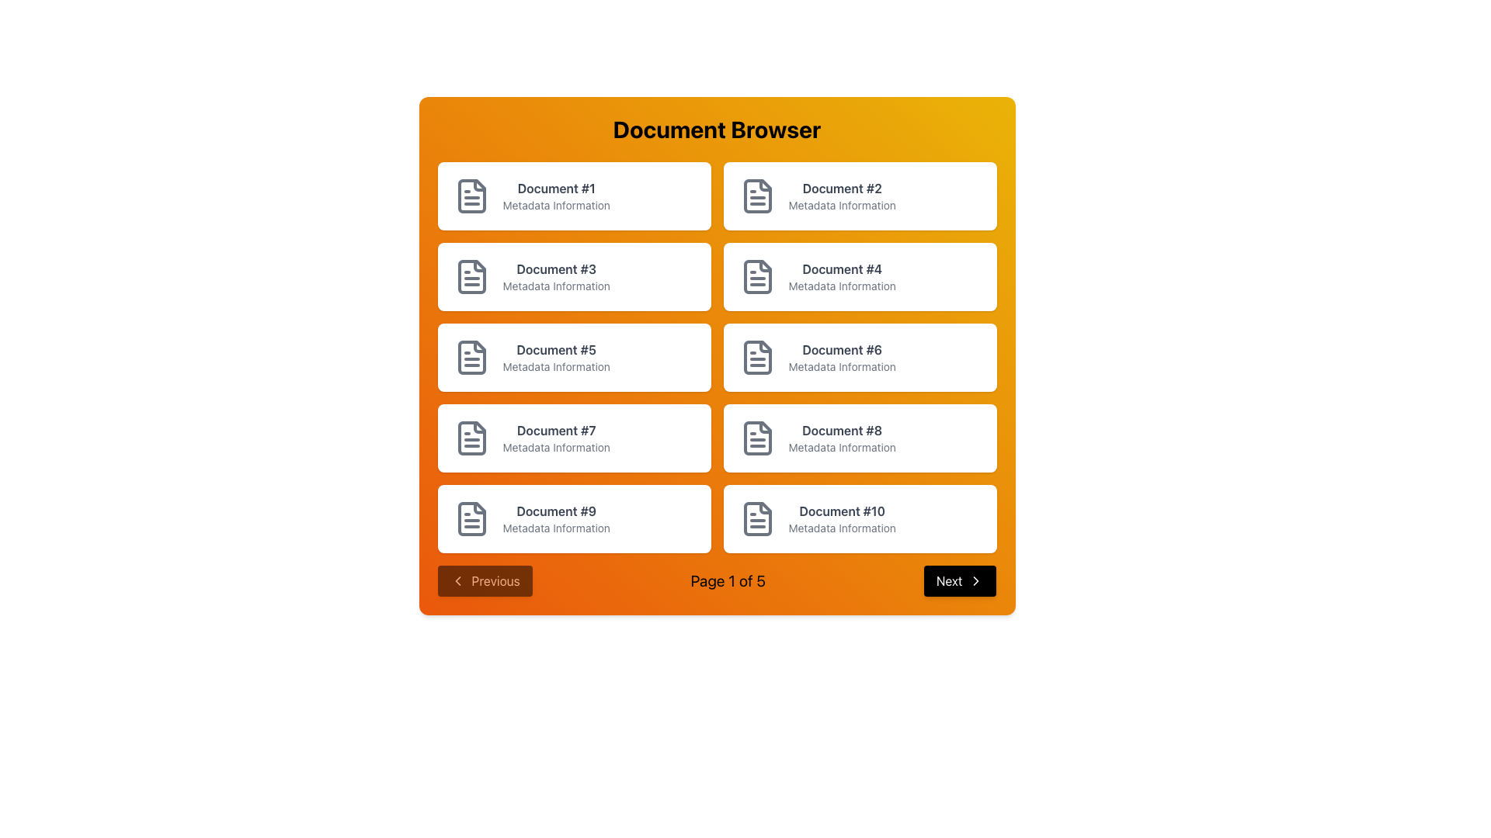  I want to click on the 'Metadata Information' text label located below the 'Document #5' title in the first card of the third row of the grid layout, so click(556, 367).